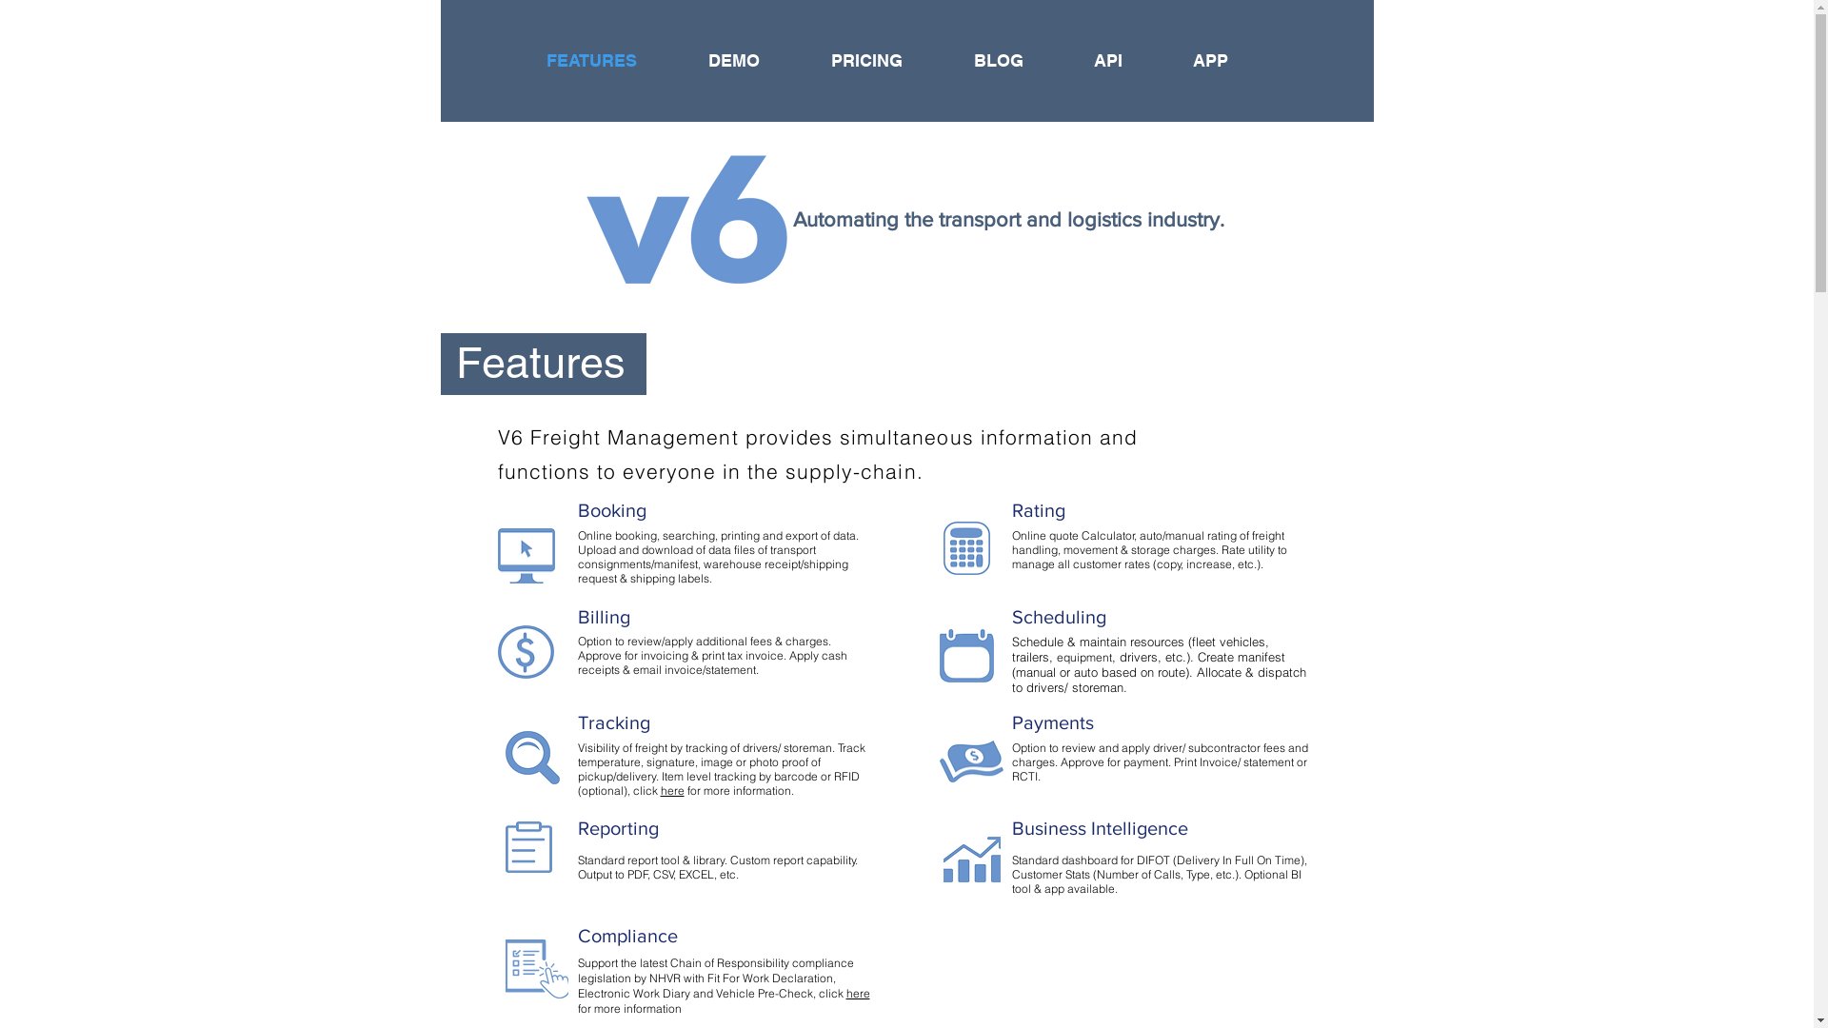 The width and height of the screenshot is (1828, 1028). Describe the element at coordinates (753, 60) in the screenshot. I see `'DEMO'` at that location.